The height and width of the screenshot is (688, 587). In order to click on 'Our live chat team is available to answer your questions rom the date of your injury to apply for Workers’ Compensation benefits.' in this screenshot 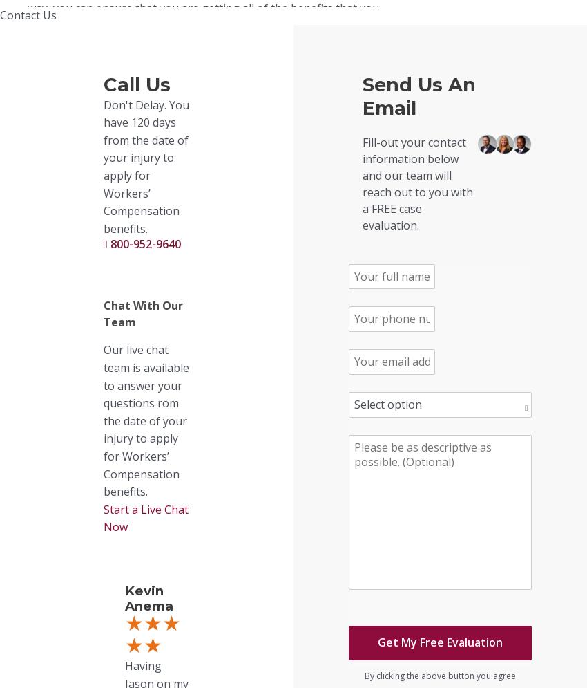, I will do `click(145, 420)`.